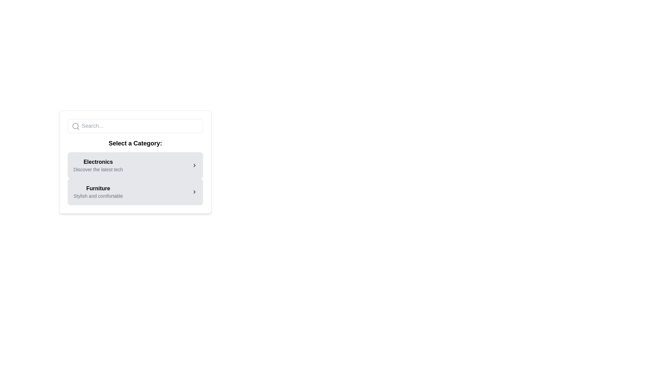 The image size is (653, 367). What do you see at coordinates (75, 126) in the screenshot?
I see `the circle element of the search icon located within the SVG graphic in the top left of the card layout titled 'Select a Category'` at bounding box center [75, 126].